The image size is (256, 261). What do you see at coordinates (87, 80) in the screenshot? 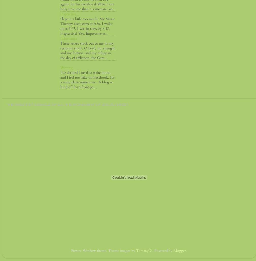
I see `'I've decided I need to write more, and I feel too fake on Facebook. It's a scary place sometimes.  A blog is kind of like a front po...'` at bounding box center [87, 80].